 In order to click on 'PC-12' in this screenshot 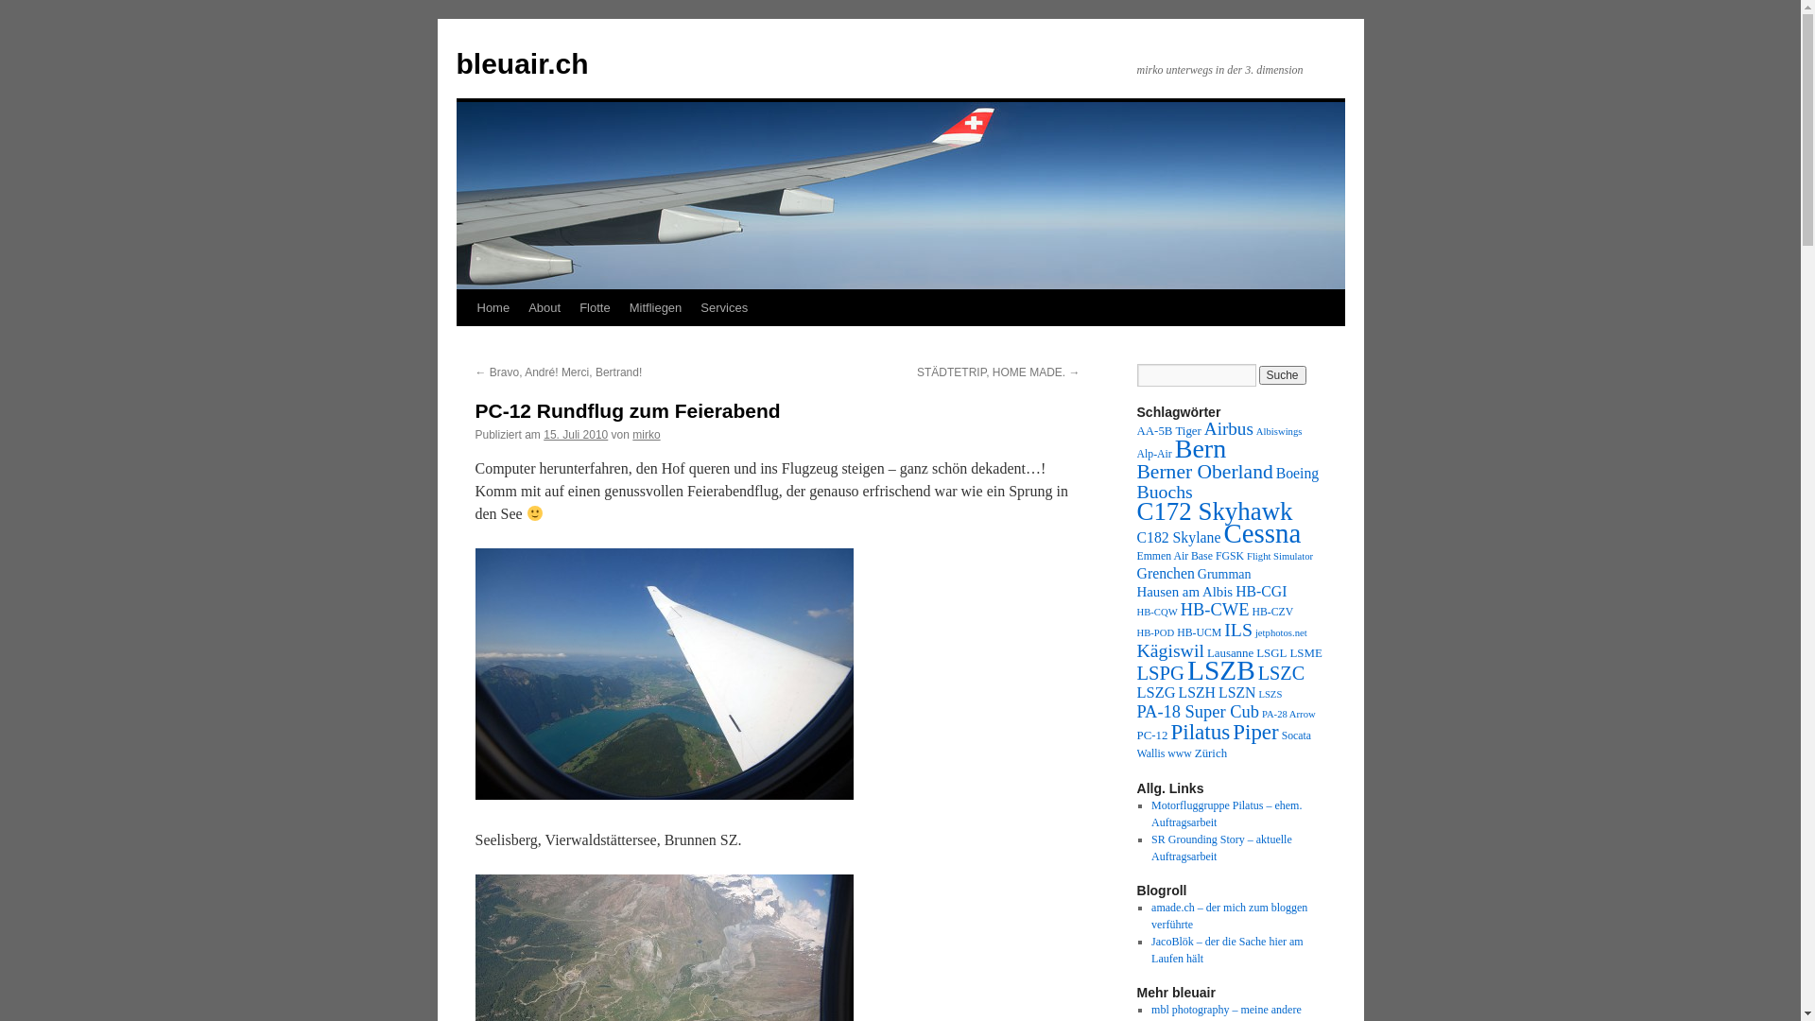, I will do `click(1150, 735)`.